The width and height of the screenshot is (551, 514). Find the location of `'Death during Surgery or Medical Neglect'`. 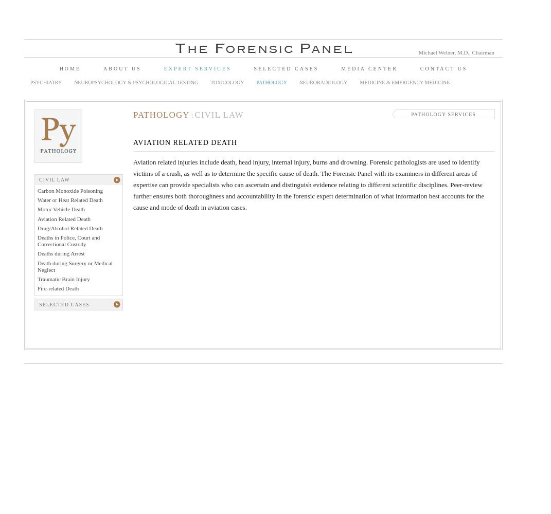

'Death during Surgery or Medical Neglect' is located at coordinates (75, 266).